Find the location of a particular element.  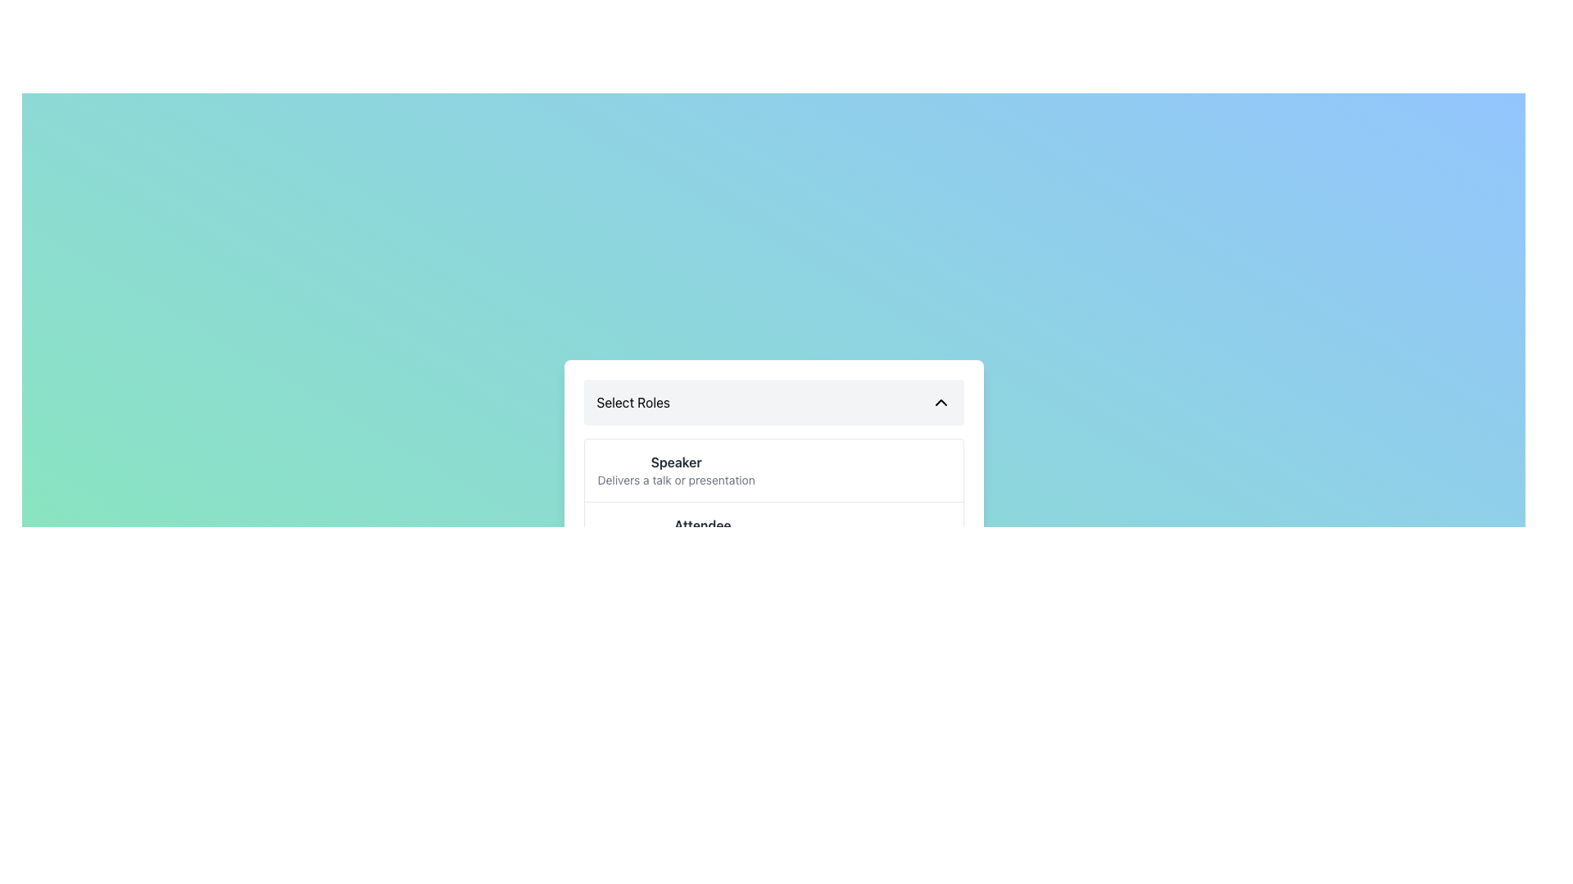

the list item titled 'Speaker' that describes 'Delivers a talk or presentation', located in the 'Select Roles' section is located at coordinates (773, 470).